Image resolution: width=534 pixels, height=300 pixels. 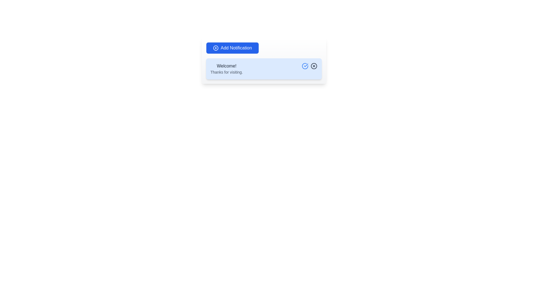 What do you see at coordinates (236, 48) in the screenshot?
I see `the text label 'Add Notification' which is centrally aligned with a white font on a blue background, located in the top-left section of the interface` at bounding box center [236, 48].